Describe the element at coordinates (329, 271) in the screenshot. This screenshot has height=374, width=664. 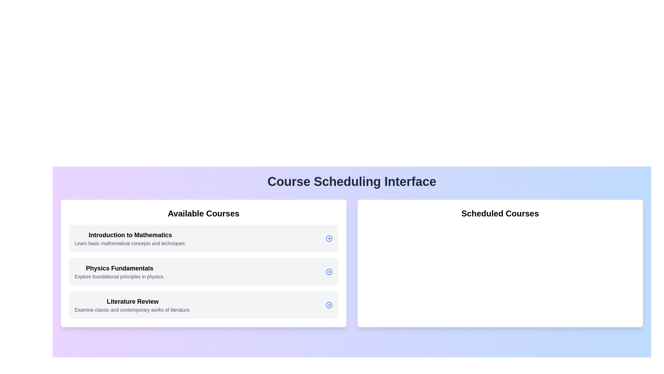
I see `the blue right-arrow icon button located on the far right of the content block labeled 'Physics Fundamentals'` at that location.